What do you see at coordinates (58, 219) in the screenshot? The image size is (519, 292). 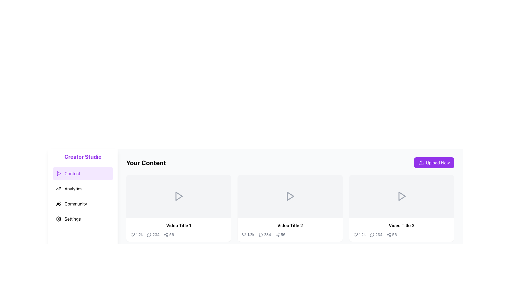 I see `the gear-like icon representing the settings functionality located on the left side of the interface within the 'Settings' option` at bounding box center [58, 219].